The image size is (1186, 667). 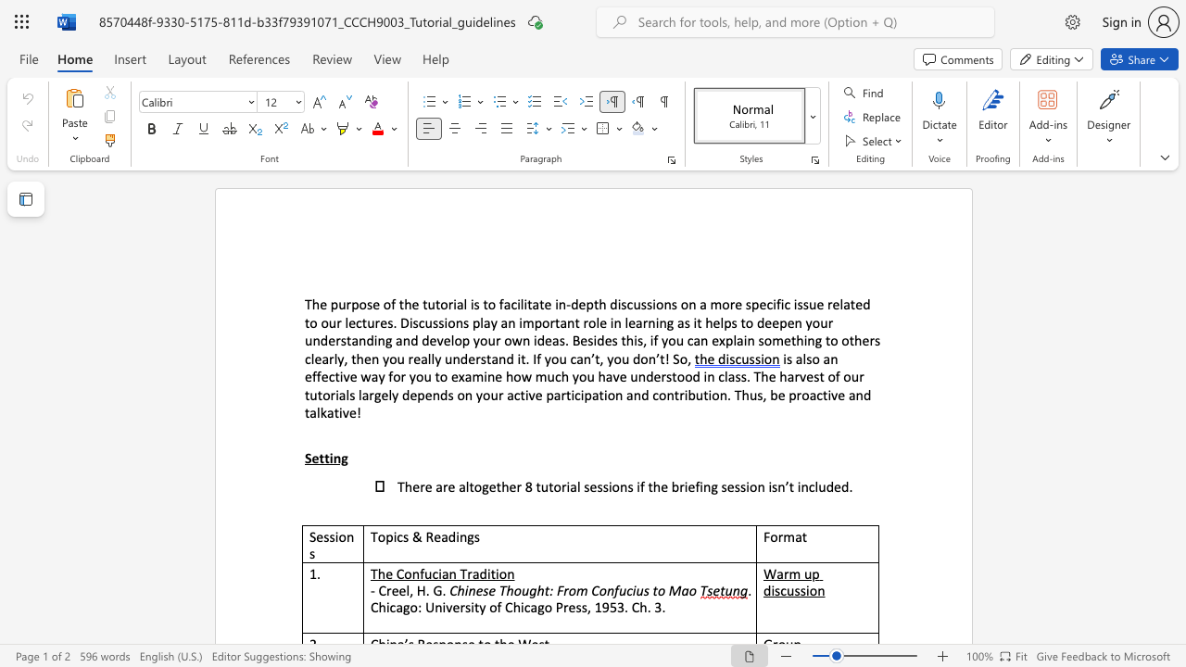 I want to click on the 1th character "b" in the text, so click(x=674, y=485).